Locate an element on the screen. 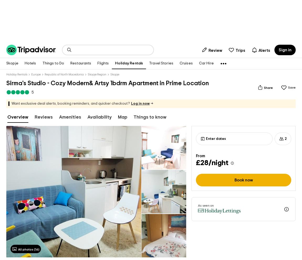 The height and width of the screenshot is (260, 302). 'As seen on' is located at coordinates (205, 205).